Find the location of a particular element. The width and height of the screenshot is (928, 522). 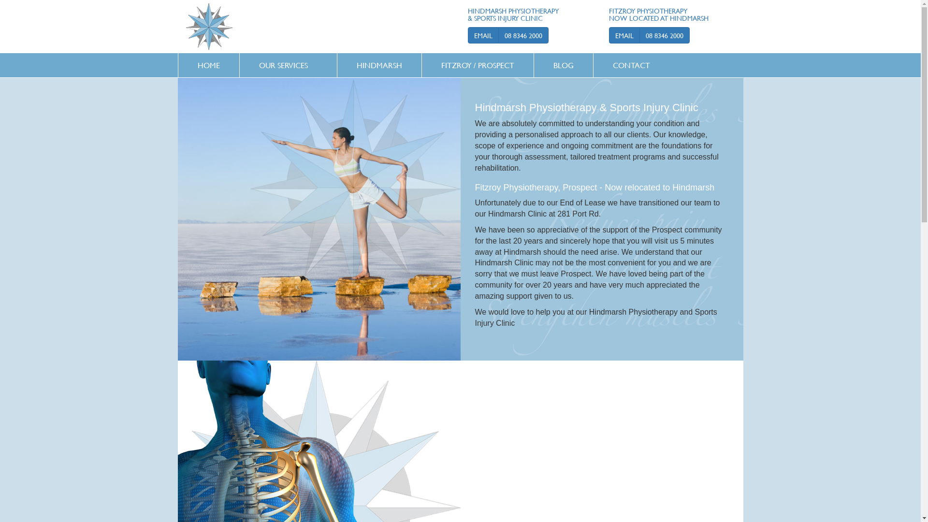

'HINDMARSH PHYSIOTHERAPY is located at coordinates (468, 14).